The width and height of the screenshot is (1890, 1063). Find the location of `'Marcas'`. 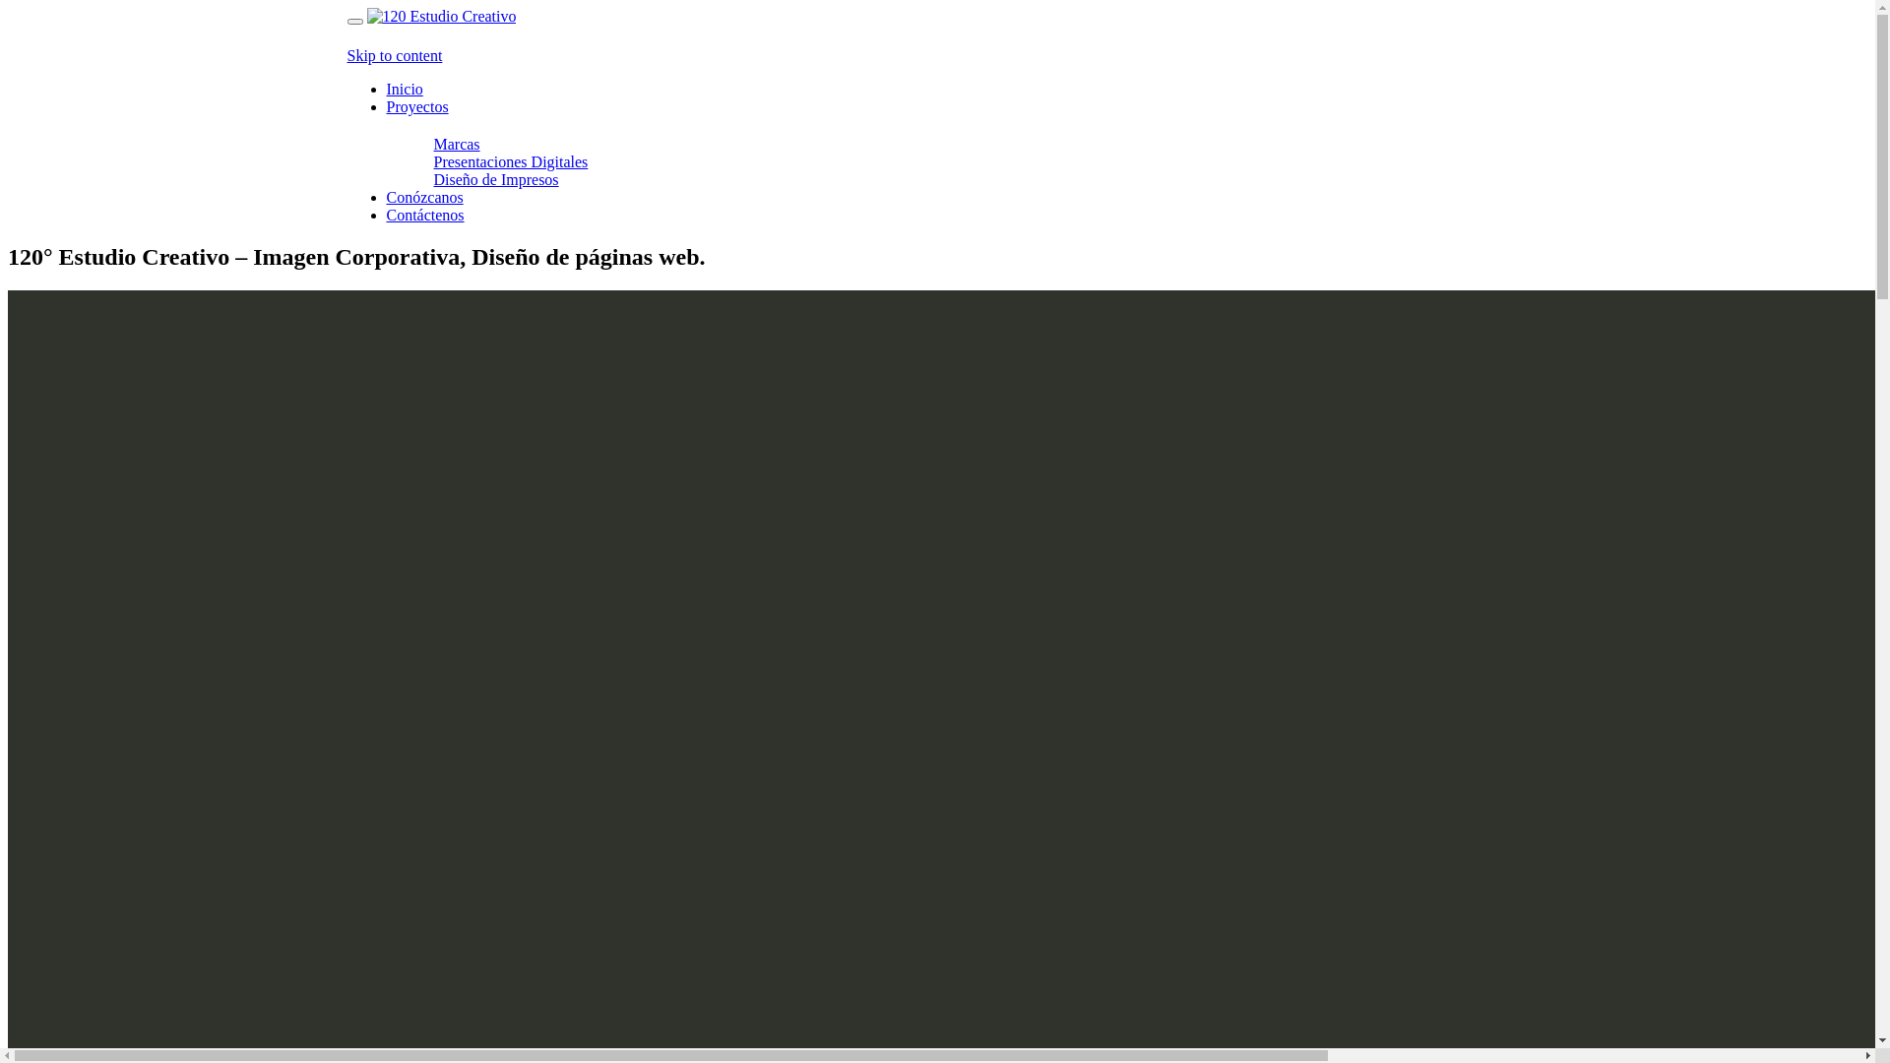

'Marcas' is located at coordinates (455, 143).